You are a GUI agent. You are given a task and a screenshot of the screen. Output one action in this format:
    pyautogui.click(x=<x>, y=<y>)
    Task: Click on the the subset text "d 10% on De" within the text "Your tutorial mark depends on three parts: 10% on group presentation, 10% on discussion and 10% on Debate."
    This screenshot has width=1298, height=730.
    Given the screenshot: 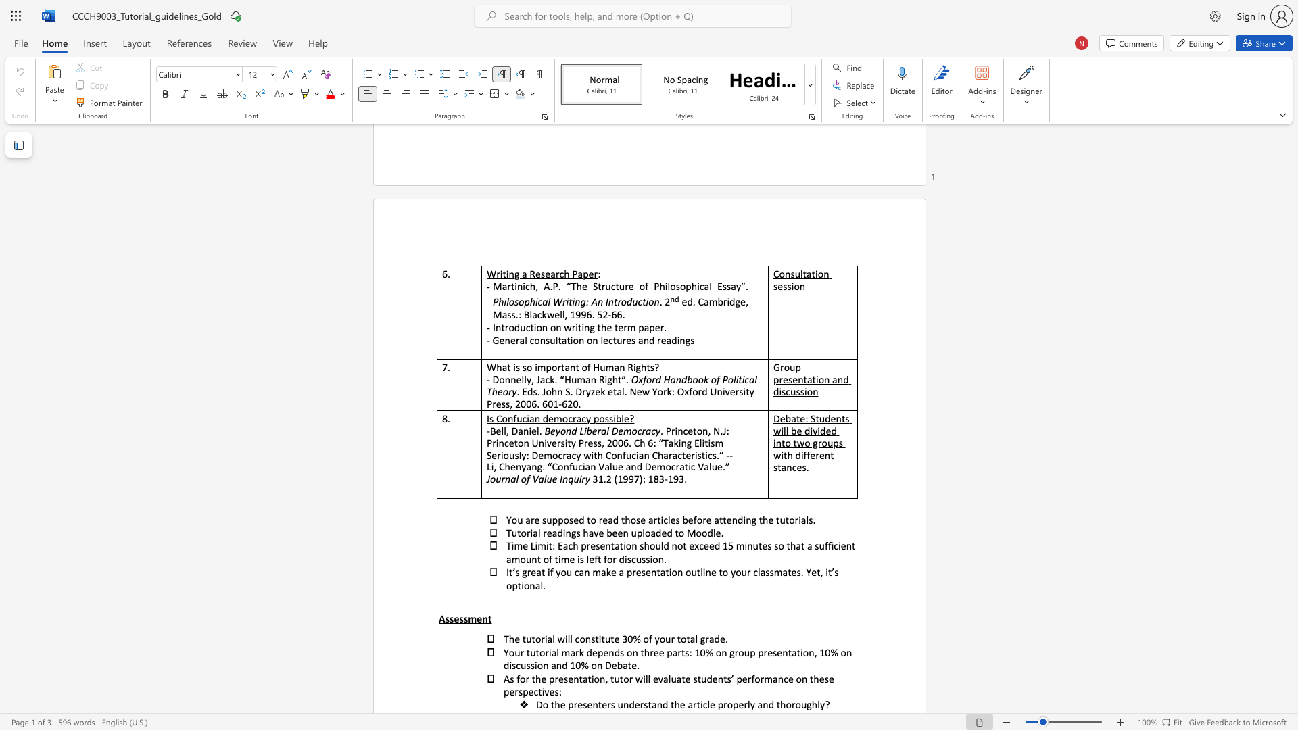 What is the action you would take?
    pyautogui.click(x=562, y=664)
    